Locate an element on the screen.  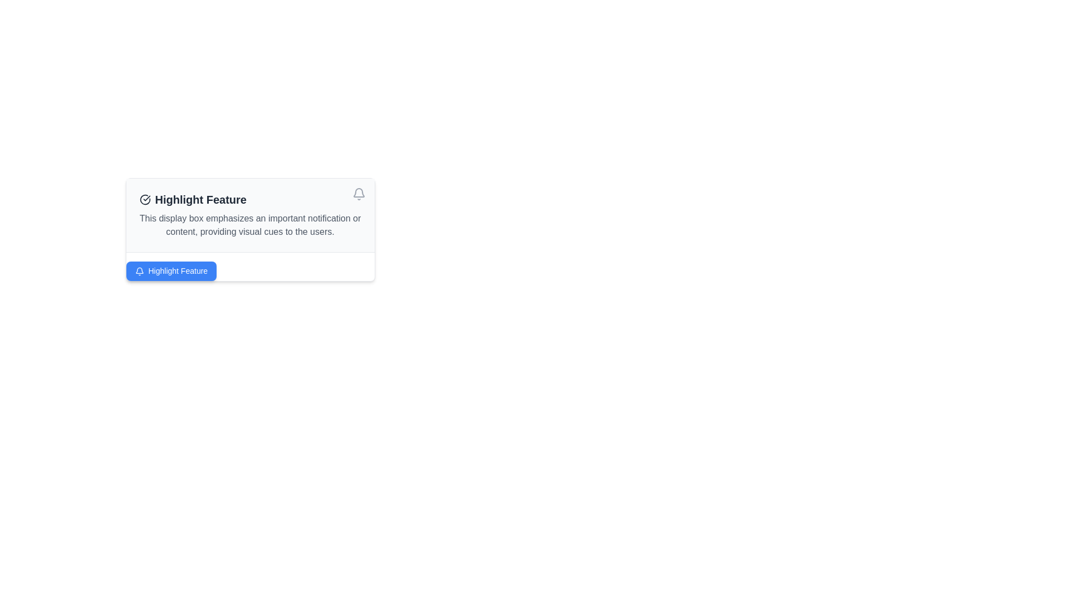
the bell notification icon located at the top-right corner of the 'Highlight Feature' box is located at coordinates (359, 192).